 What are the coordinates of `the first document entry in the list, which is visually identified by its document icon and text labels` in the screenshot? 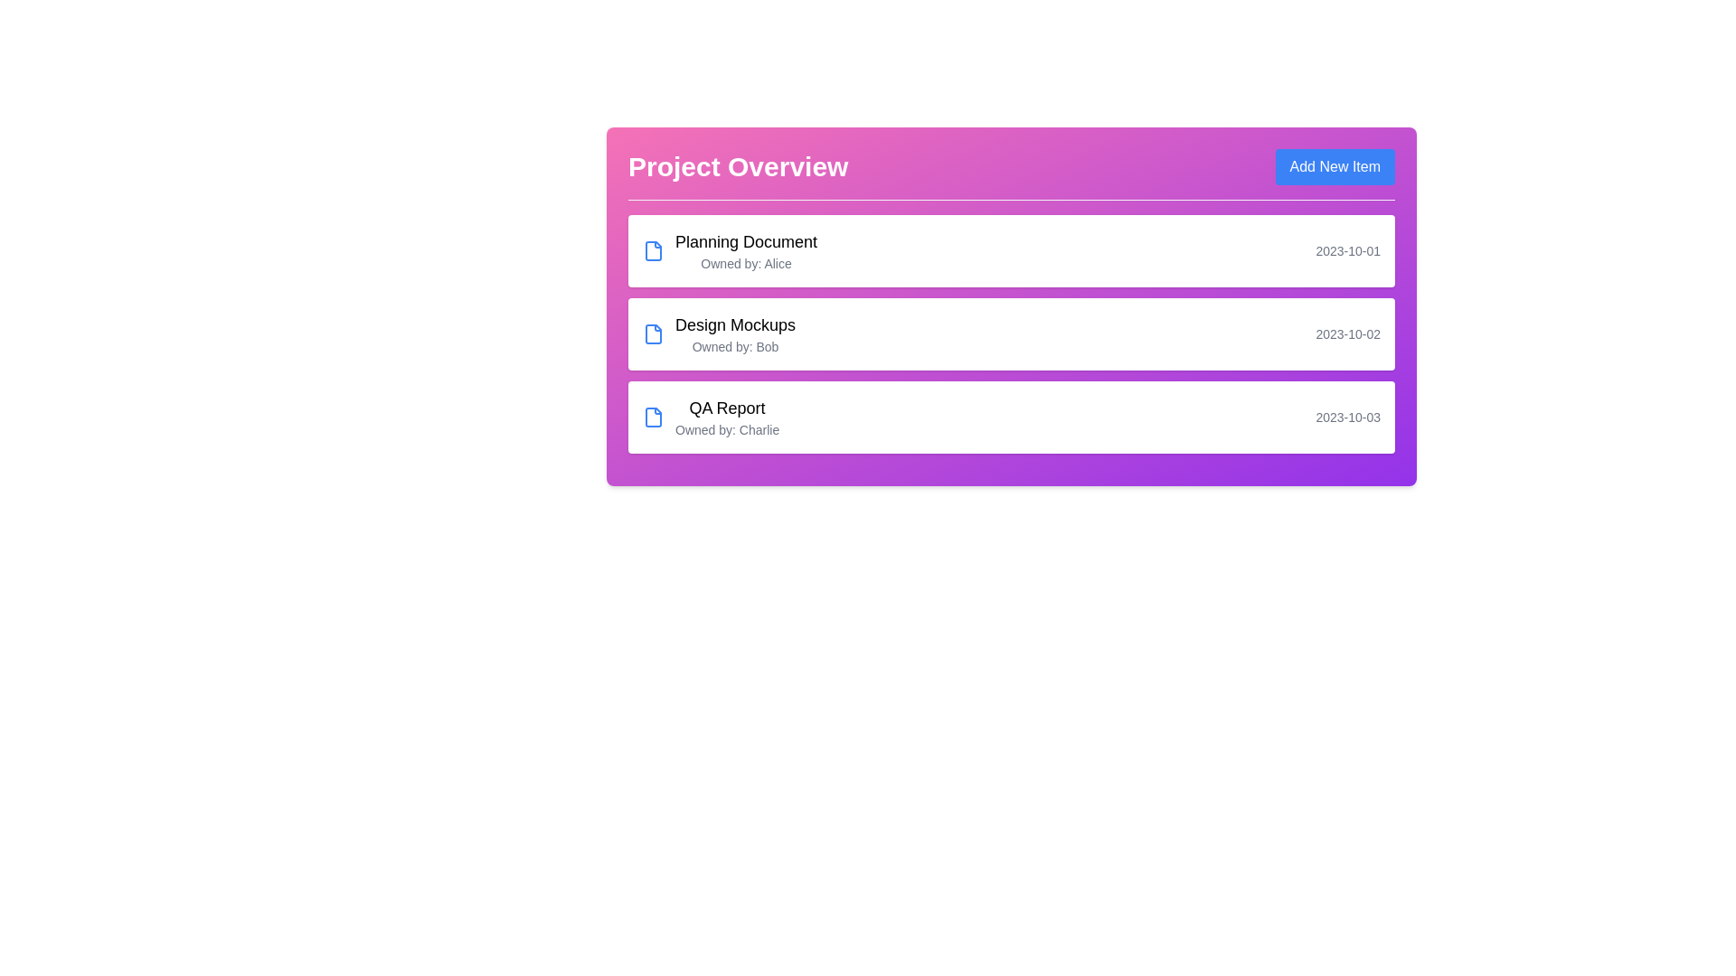 It's located at (730, 250).